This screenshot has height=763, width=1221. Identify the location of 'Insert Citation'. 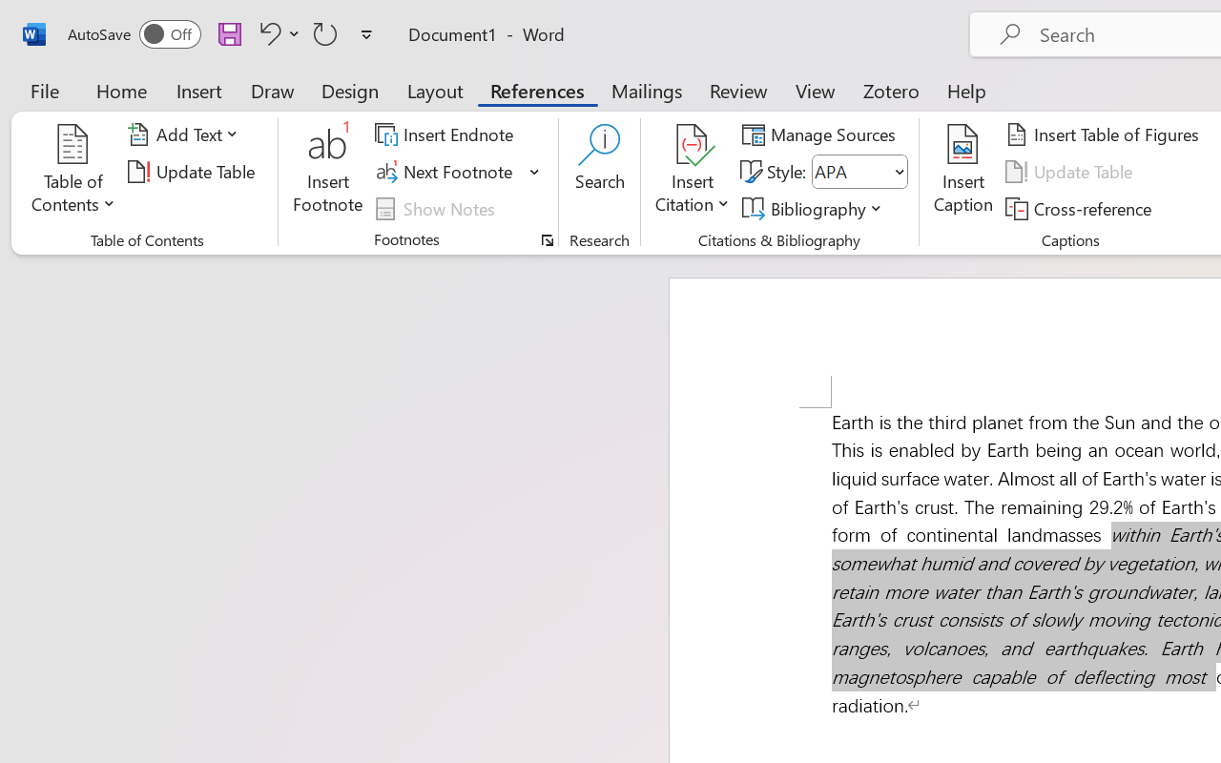
(692, 171).